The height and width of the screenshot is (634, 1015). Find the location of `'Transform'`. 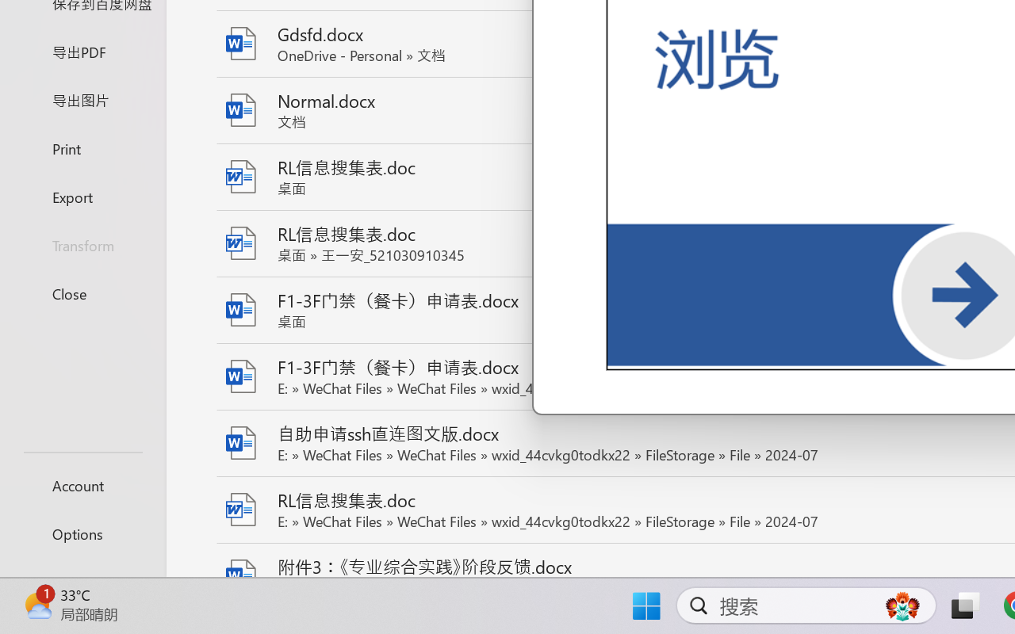

'Transform' is located at coordinates (82, 244).